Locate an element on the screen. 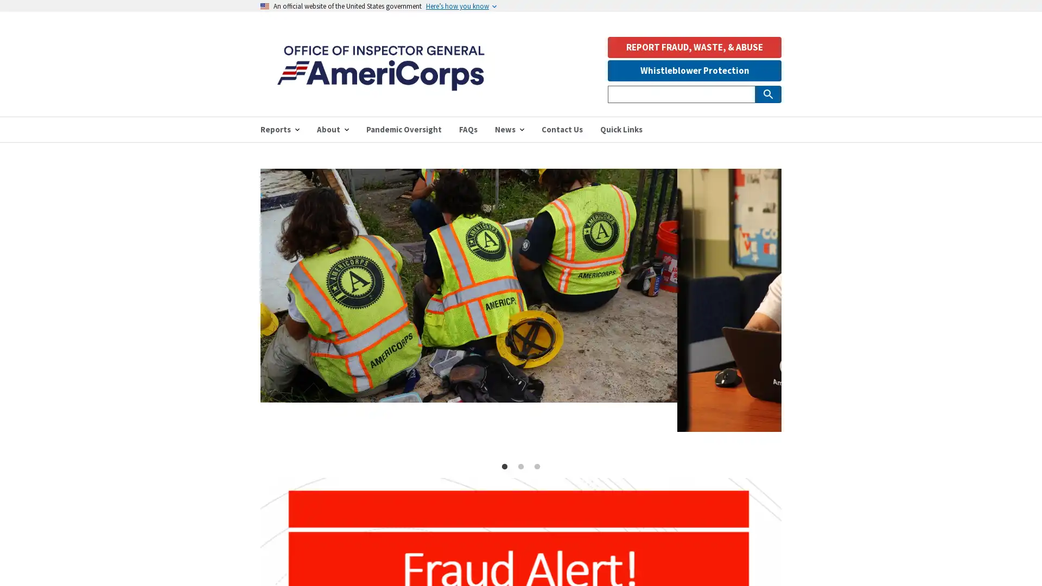 The image size is (1042, 586). Next is located at coordinates (776, 309).